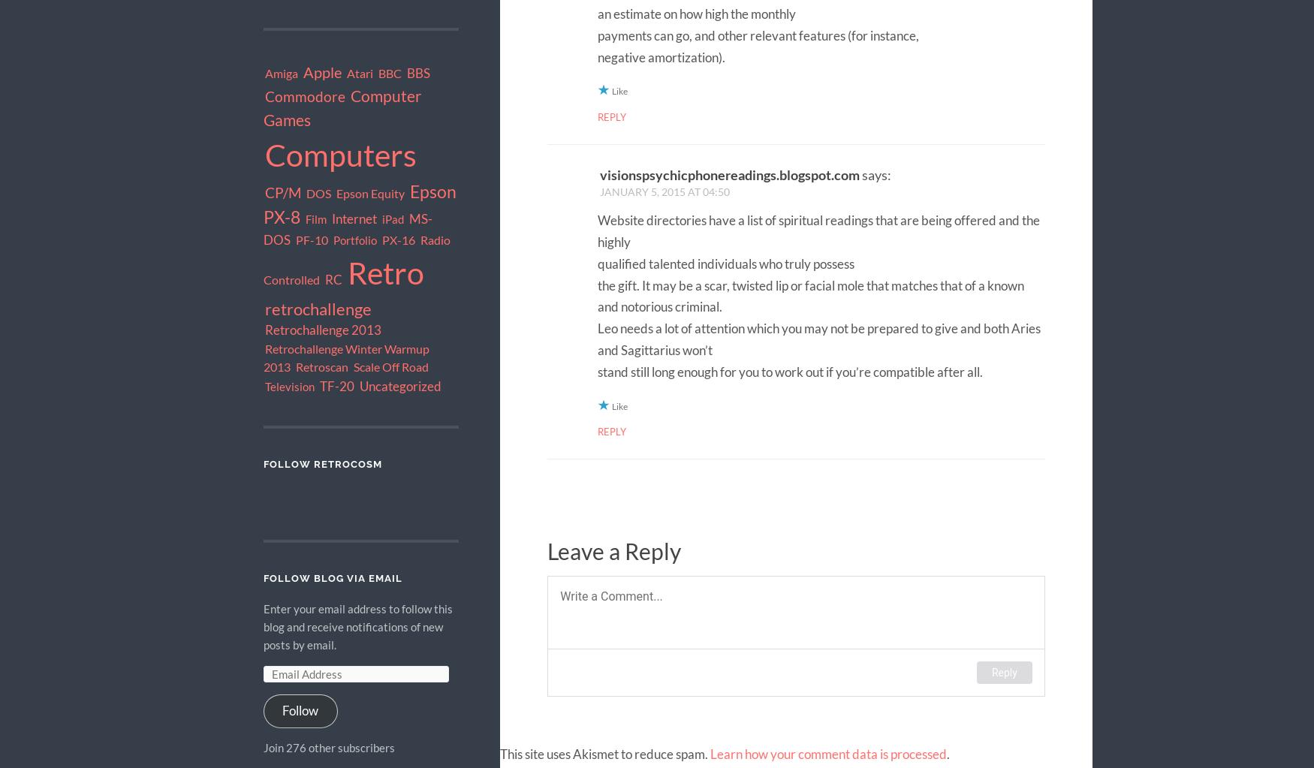  What do you see at coordinates (356, 258) in the screenshot?
I see `'Radio Controlled'` at bounding box center [356, 258].